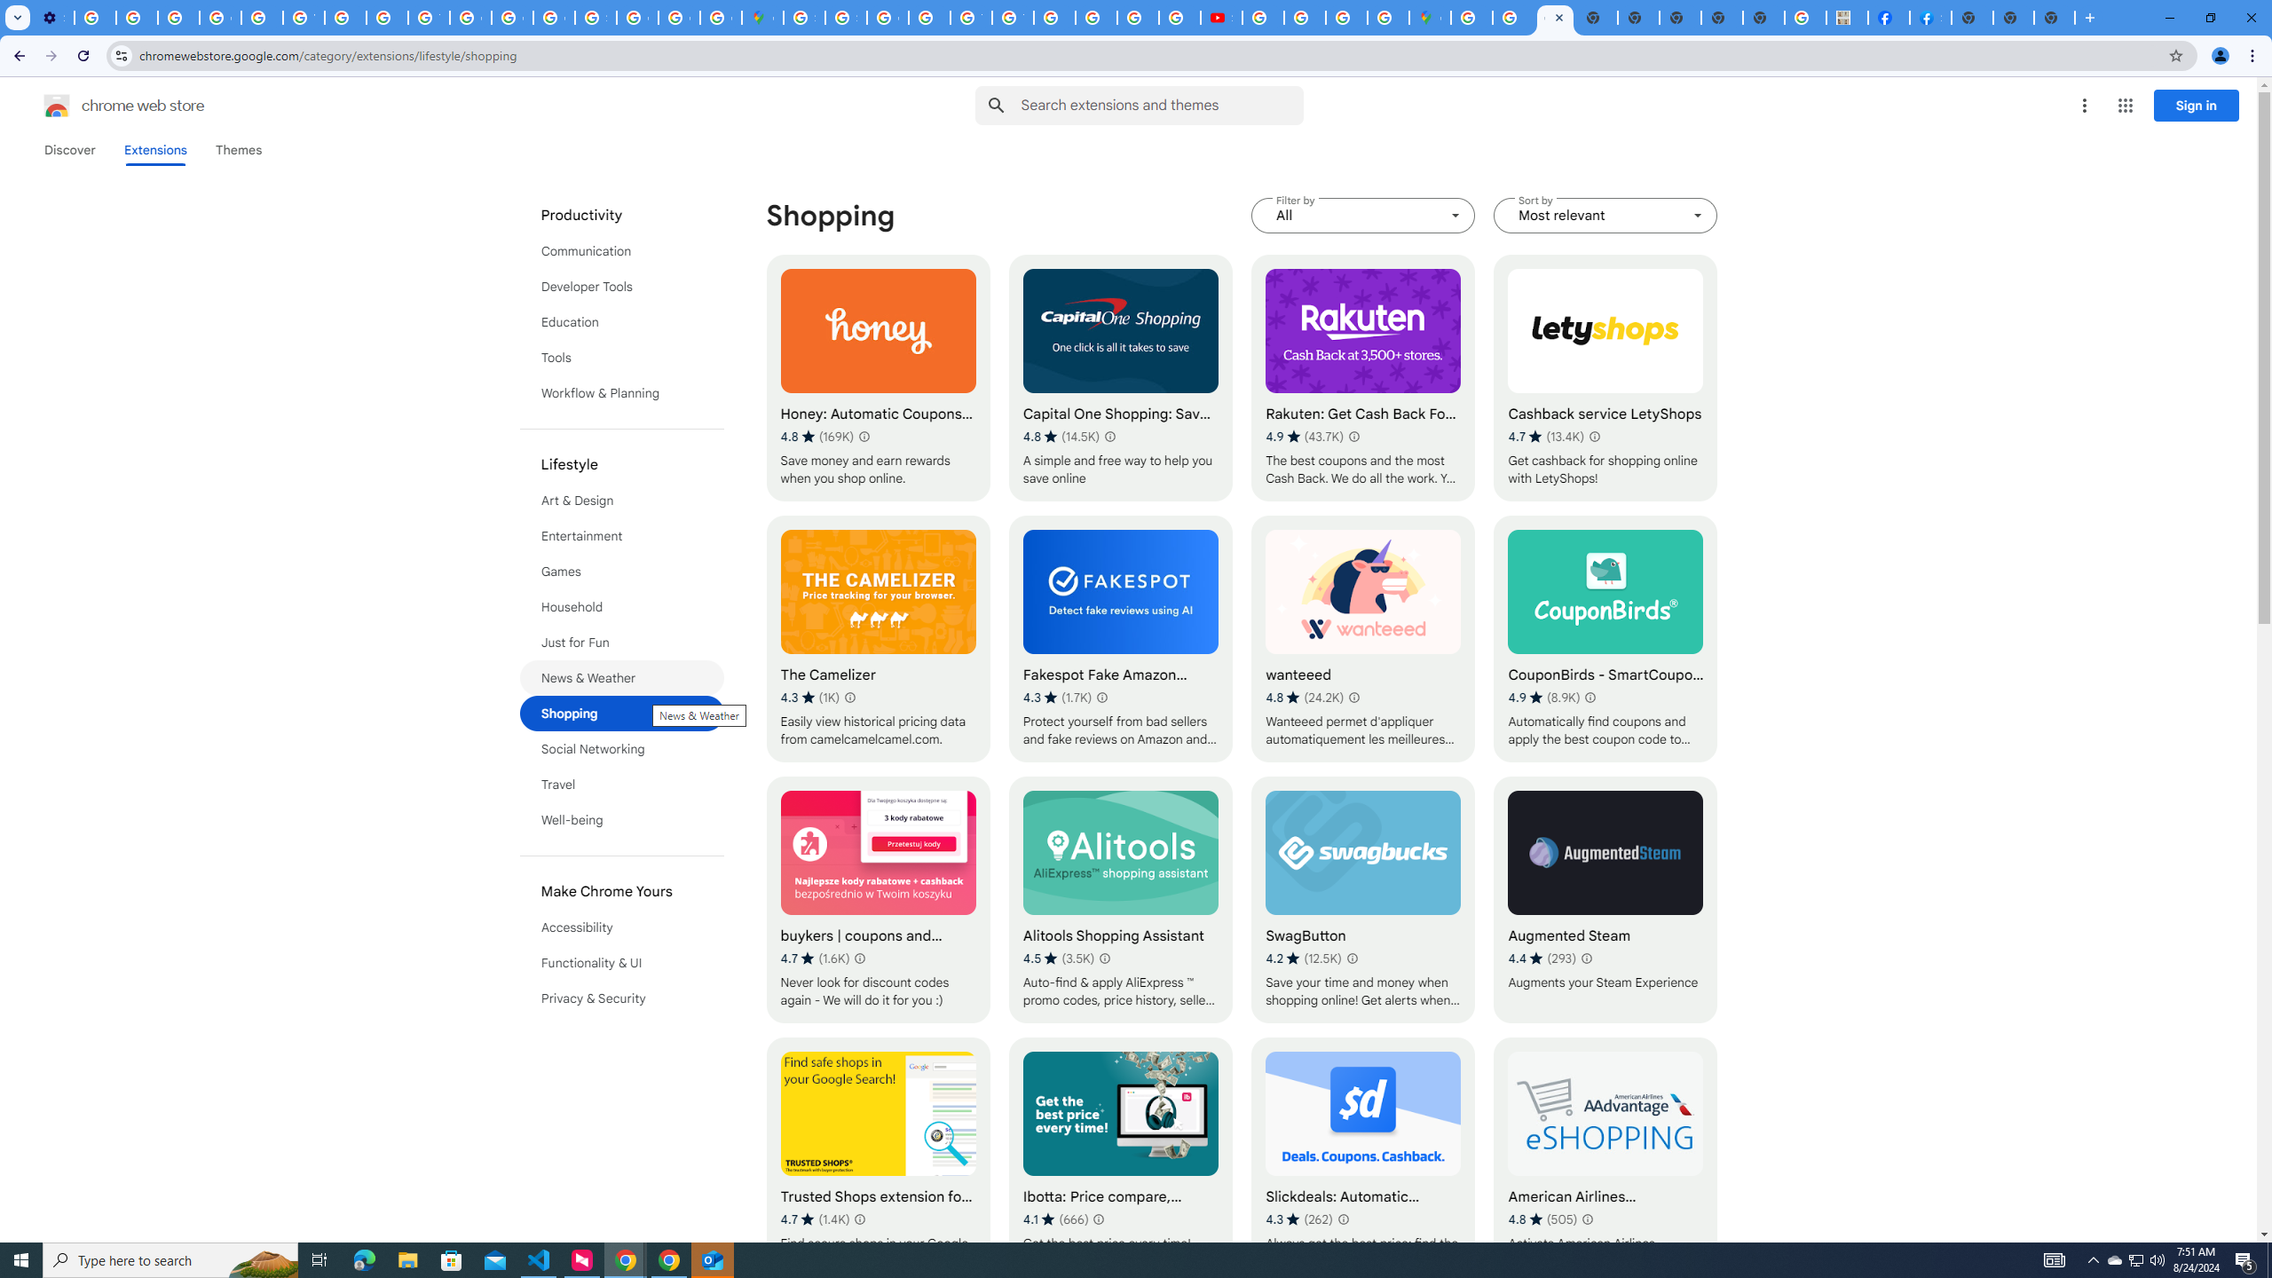  What do you see at coordinates (1121, 377) in the screenshot?
I see `'Capital One Shopping: Save Now'` at bounding box center [1121, 377].